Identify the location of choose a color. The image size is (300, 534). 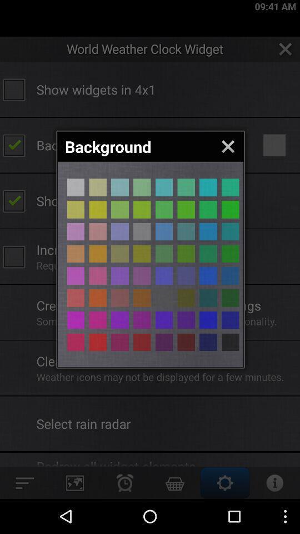
(98, 254).